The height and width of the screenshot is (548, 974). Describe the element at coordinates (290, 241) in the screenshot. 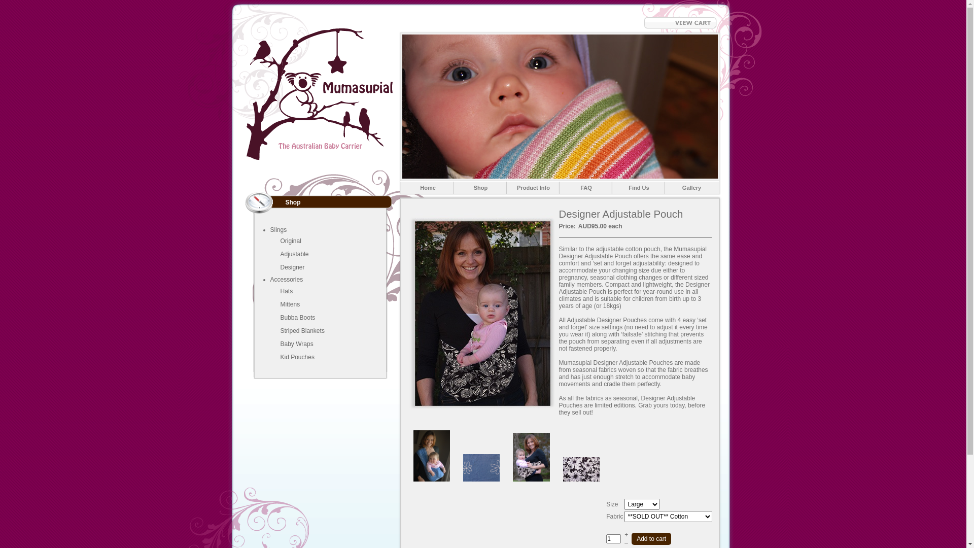

I see `'Original'` at that location.